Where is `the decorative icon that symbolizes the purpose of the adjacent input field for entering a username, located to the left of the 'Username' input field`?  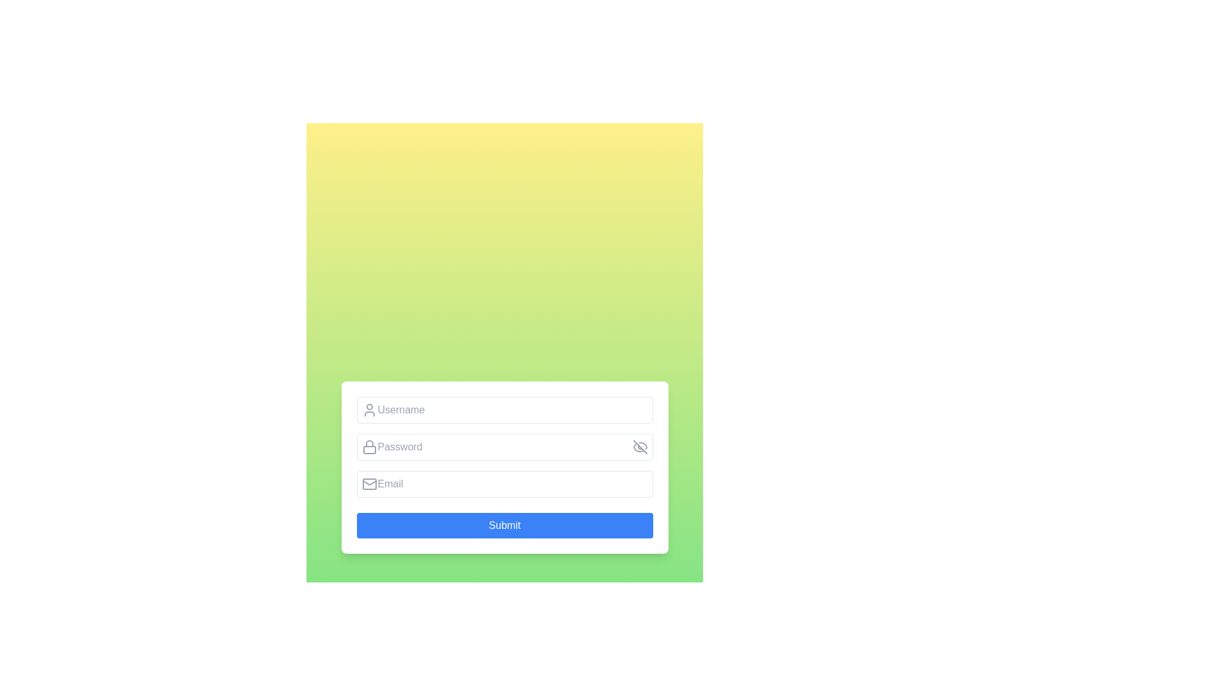
the decorative icon that symbolizes the purpose of the adjacent input field for entering a username, located to the left of the 'Username' input field is located at coordinates (368, 410).